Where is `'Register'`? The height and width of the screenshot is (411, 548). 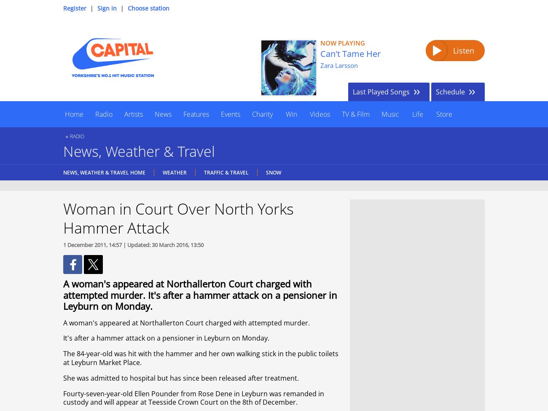 'Register' is located at coordinates (75, 8).